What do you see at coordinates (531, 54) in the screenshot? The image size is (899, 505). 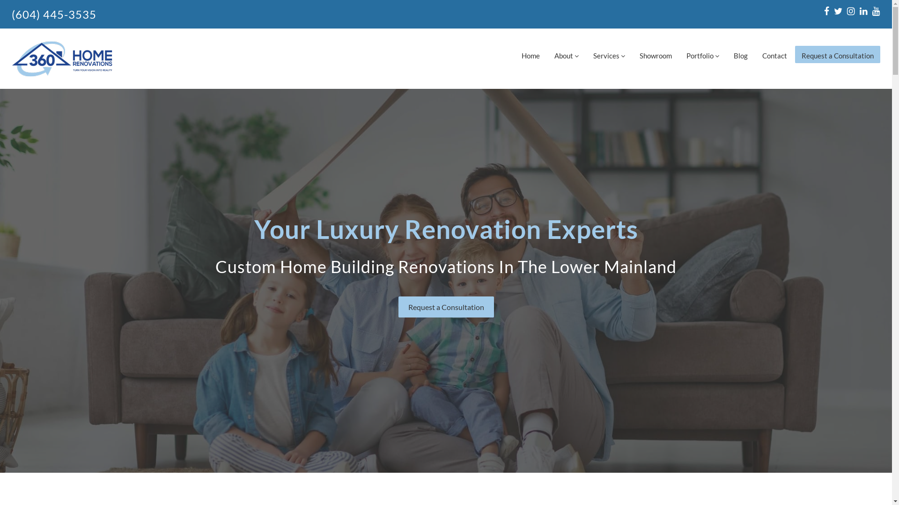 I see `'Home'` at bounding box center [531, 54].